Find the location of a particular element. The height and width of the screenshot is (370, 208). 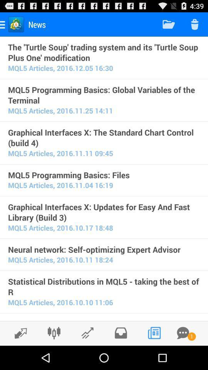

go back is located at coordinates (18, 333).